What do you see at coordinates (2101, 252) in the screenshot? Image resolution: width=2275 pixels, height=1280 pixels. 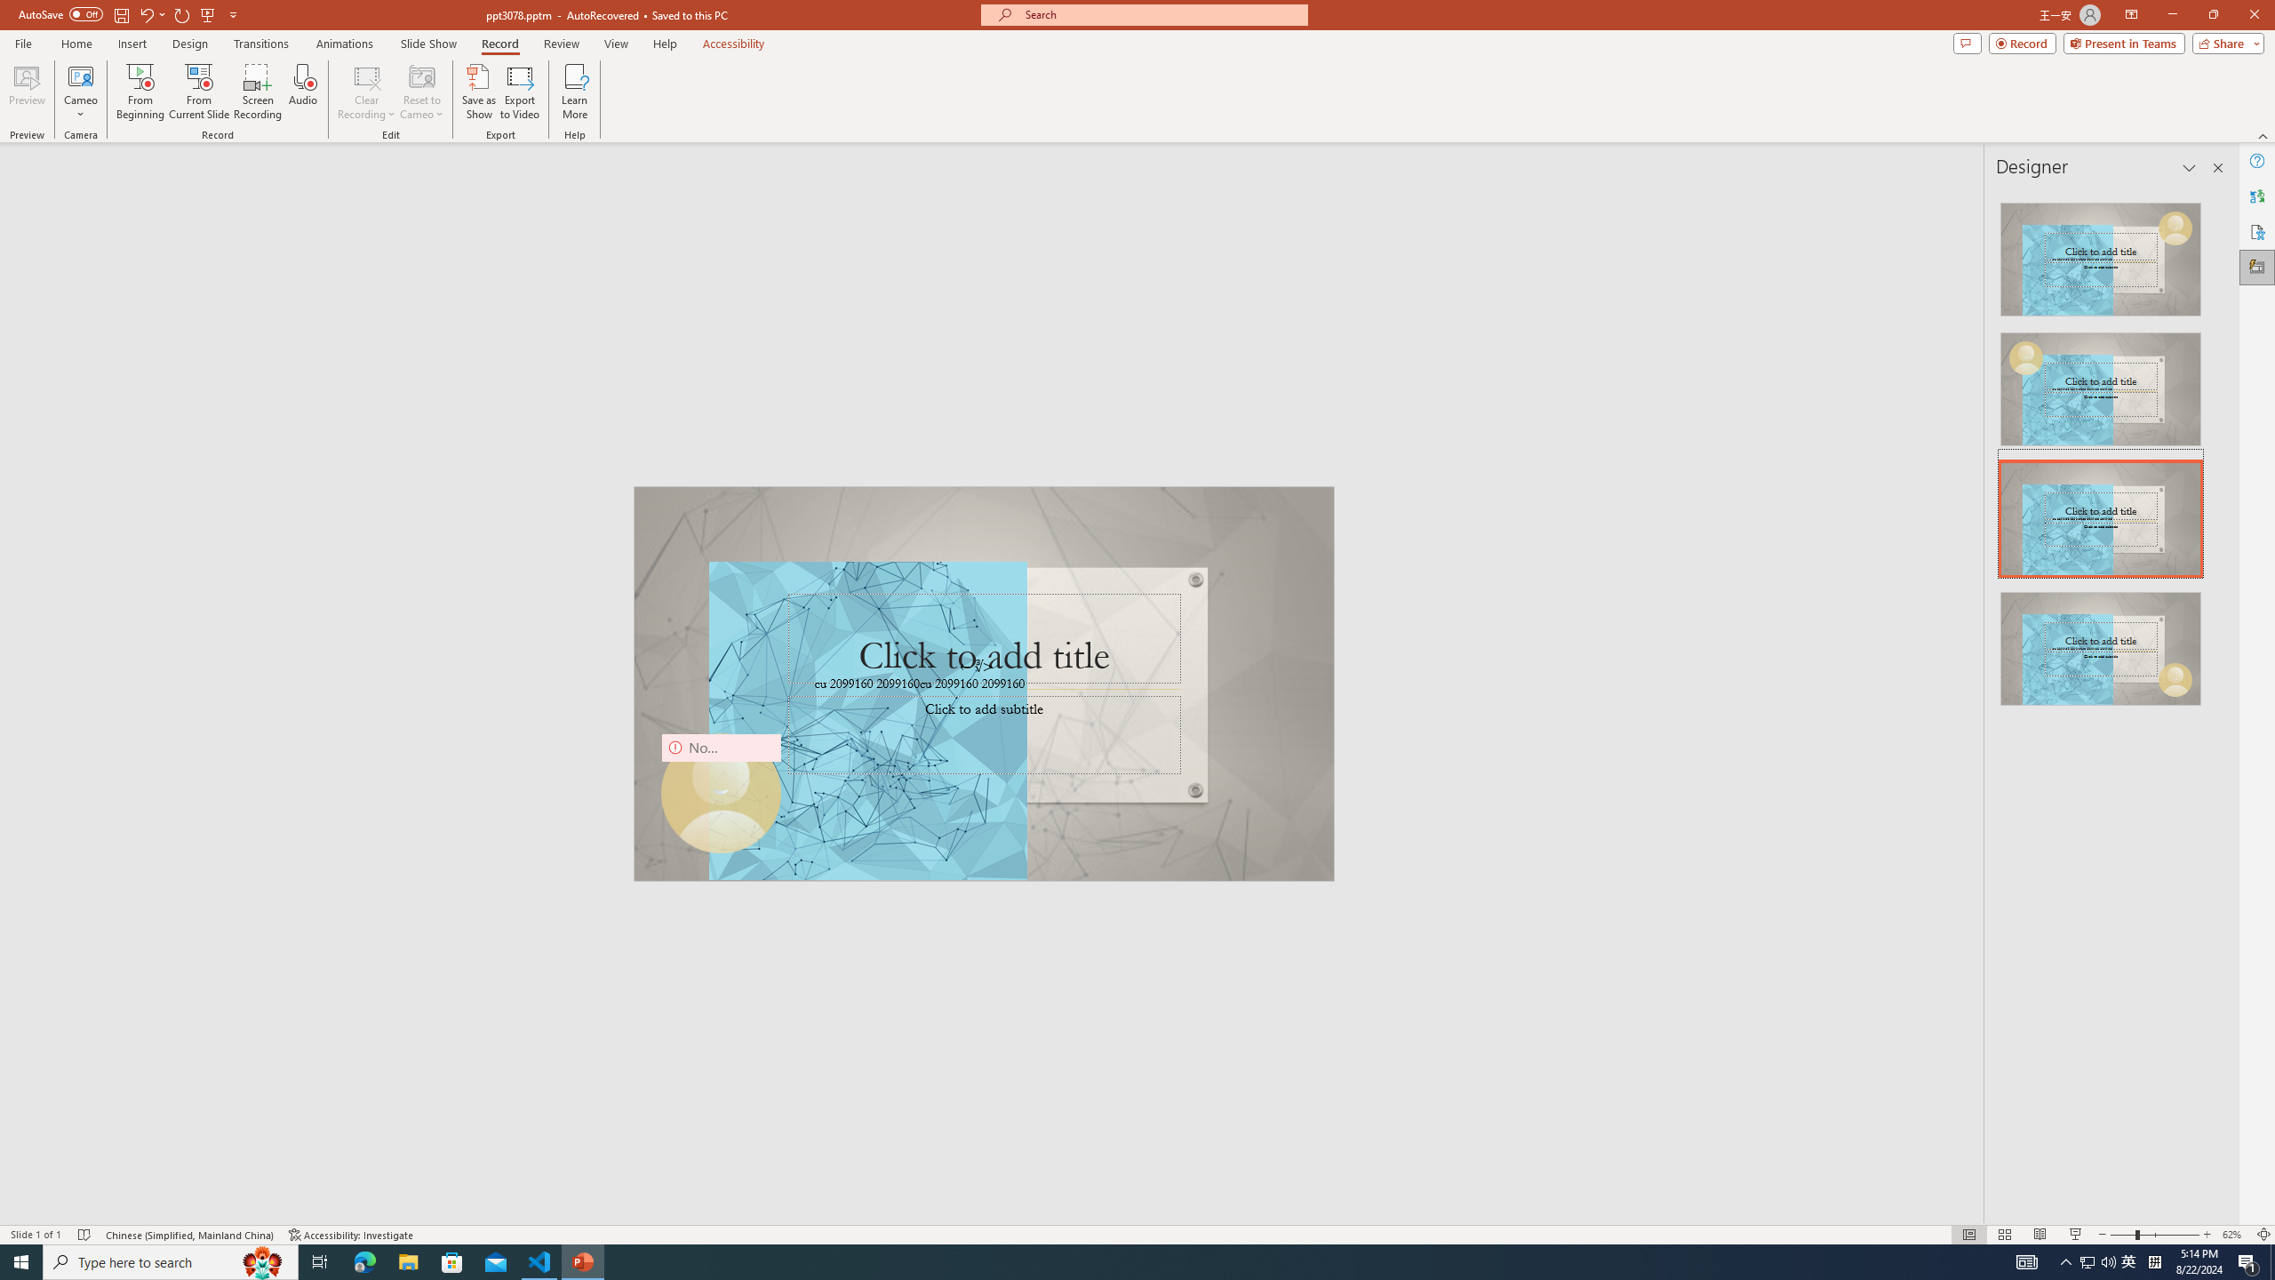 I see `'Recommended Design: Design Idea'` at bounding box center [2101, 252].